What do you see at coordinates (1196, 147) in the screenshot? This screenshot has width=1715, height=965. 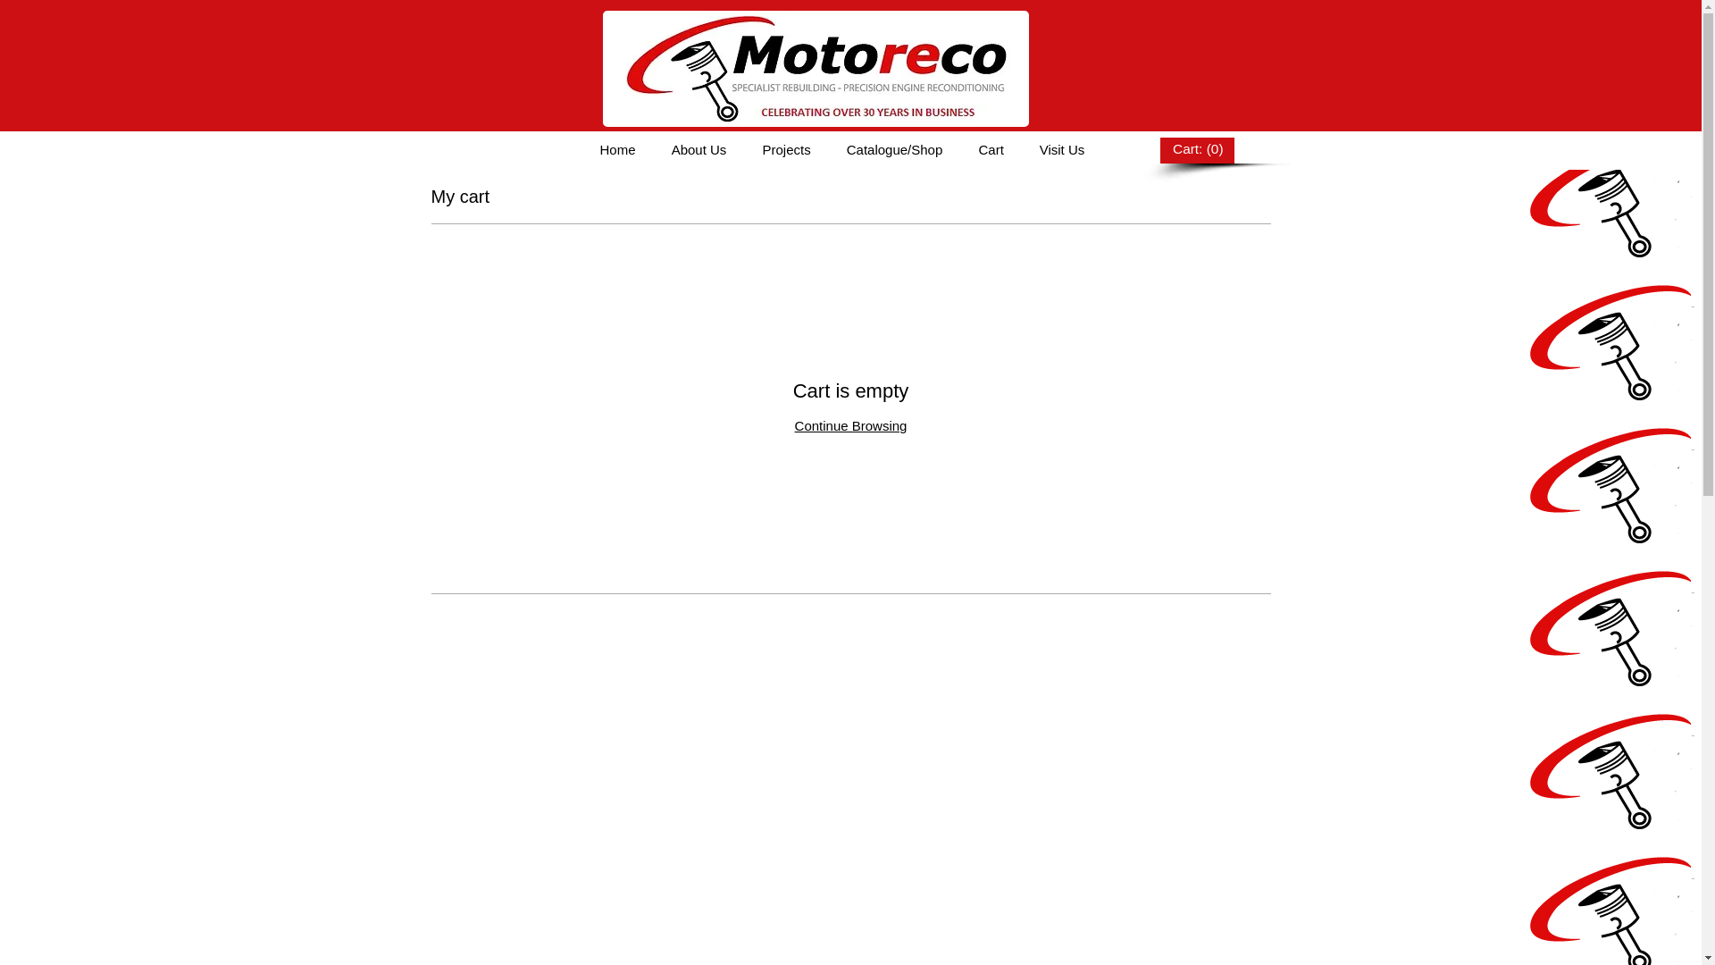 I see `'Cart: (0)'` at bounding box center [1196, 147].